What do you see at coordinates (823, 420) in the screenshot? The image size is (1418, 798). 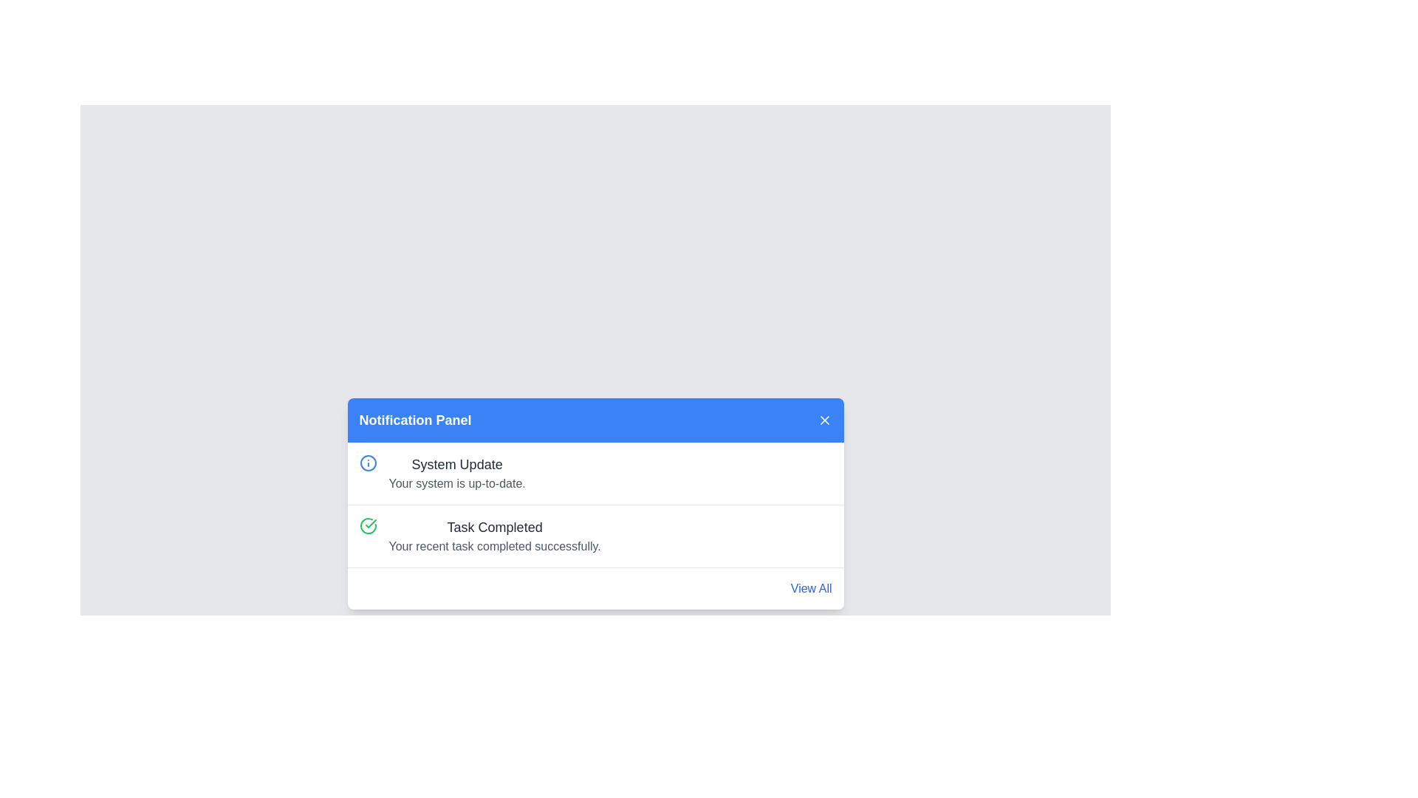 I see `the close icon represented as an 'X' located at the top-right corner of the blue header bar of the 'Notification Panel'` at bounding box center [823, 420].